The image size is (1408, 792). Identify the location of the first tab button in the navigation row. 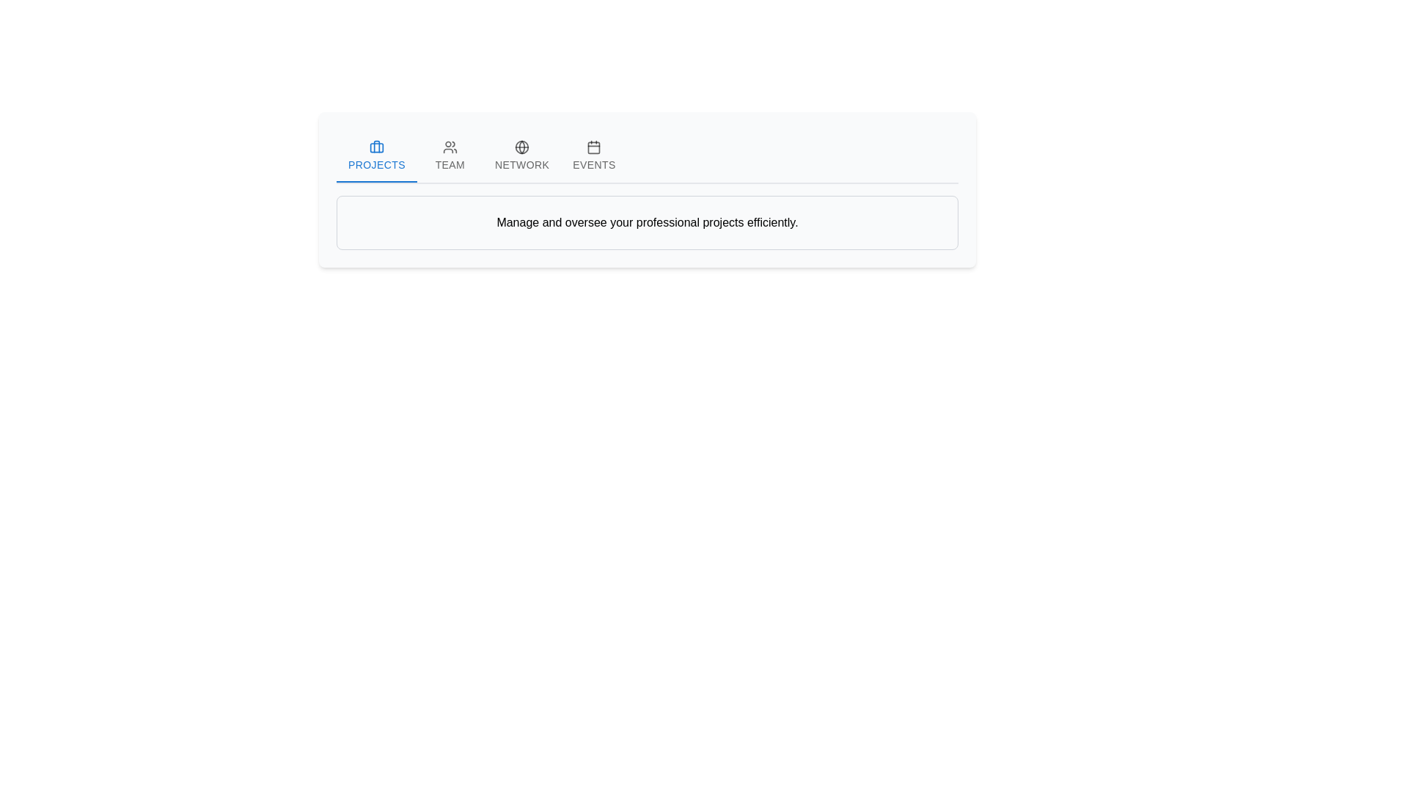
(376, 155).